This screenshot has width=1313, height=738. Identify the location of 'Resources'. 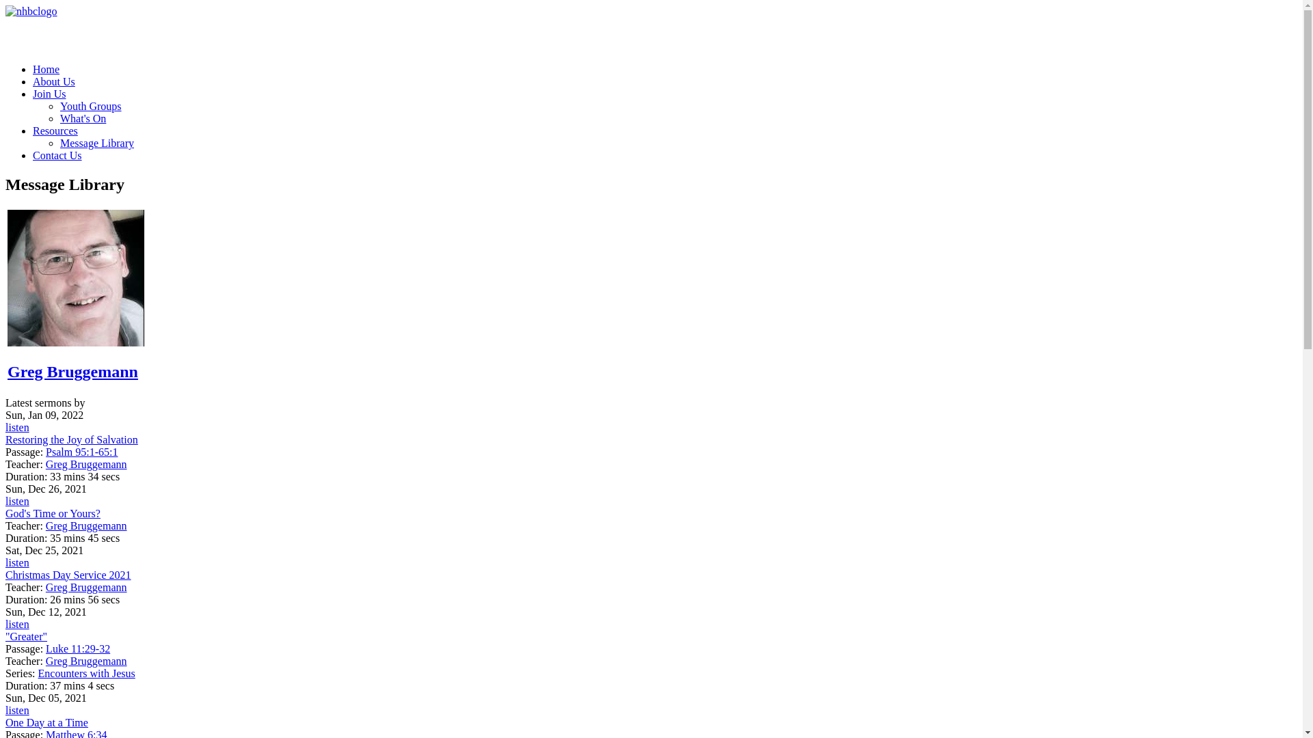
(33, 131).